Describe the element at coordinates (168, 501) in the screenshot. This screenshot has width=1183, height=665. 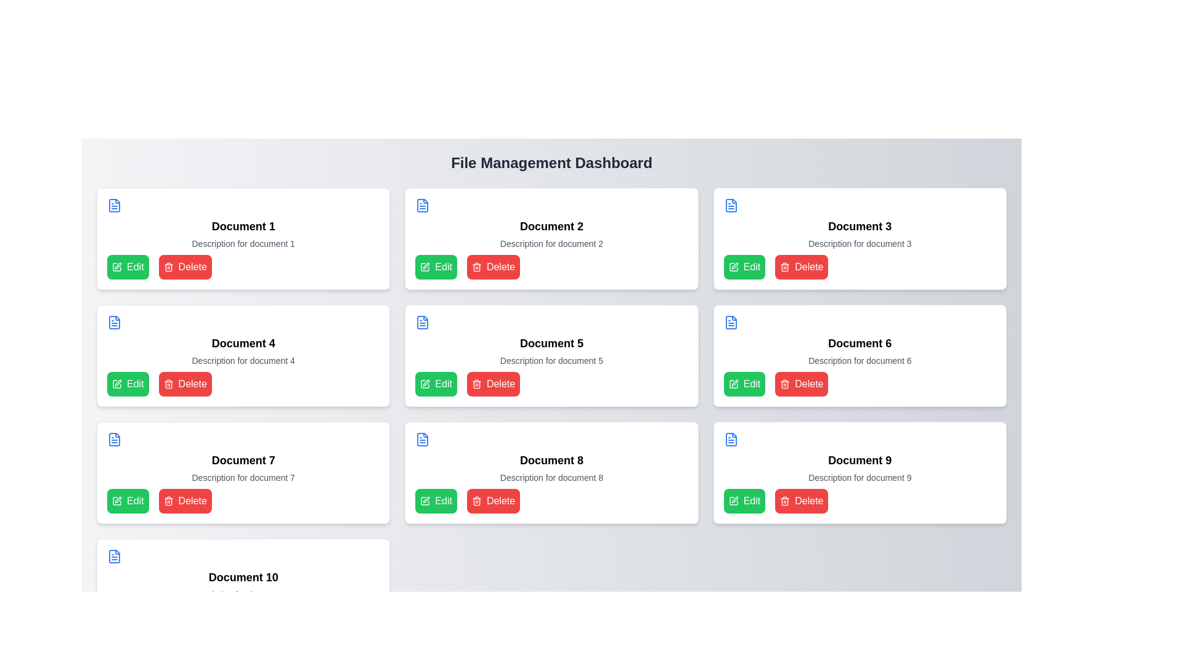
I see `the delete icon located in the bottom right corner of the card labeled 'Document 7' in the third row of the grid layout` at that location.